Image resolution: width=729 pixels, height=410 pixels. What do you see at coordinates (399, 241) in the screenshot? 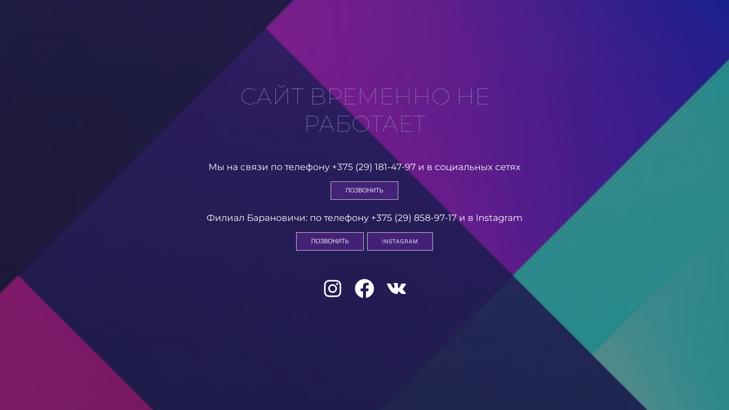
I see `'INSTAGRAM'` at bounding box center [399, 241].